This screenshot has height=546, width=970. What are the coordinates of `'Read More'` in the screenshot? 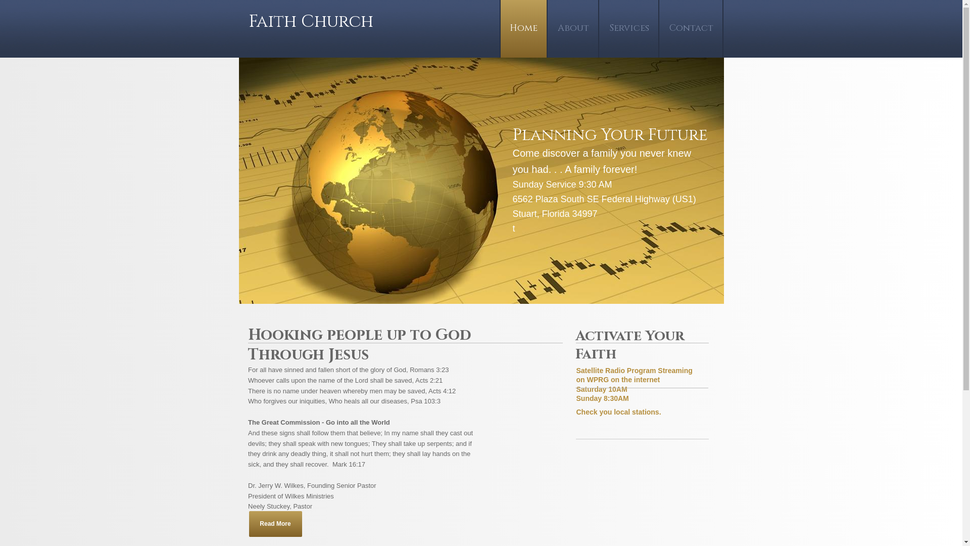 It's located at (275, 523).